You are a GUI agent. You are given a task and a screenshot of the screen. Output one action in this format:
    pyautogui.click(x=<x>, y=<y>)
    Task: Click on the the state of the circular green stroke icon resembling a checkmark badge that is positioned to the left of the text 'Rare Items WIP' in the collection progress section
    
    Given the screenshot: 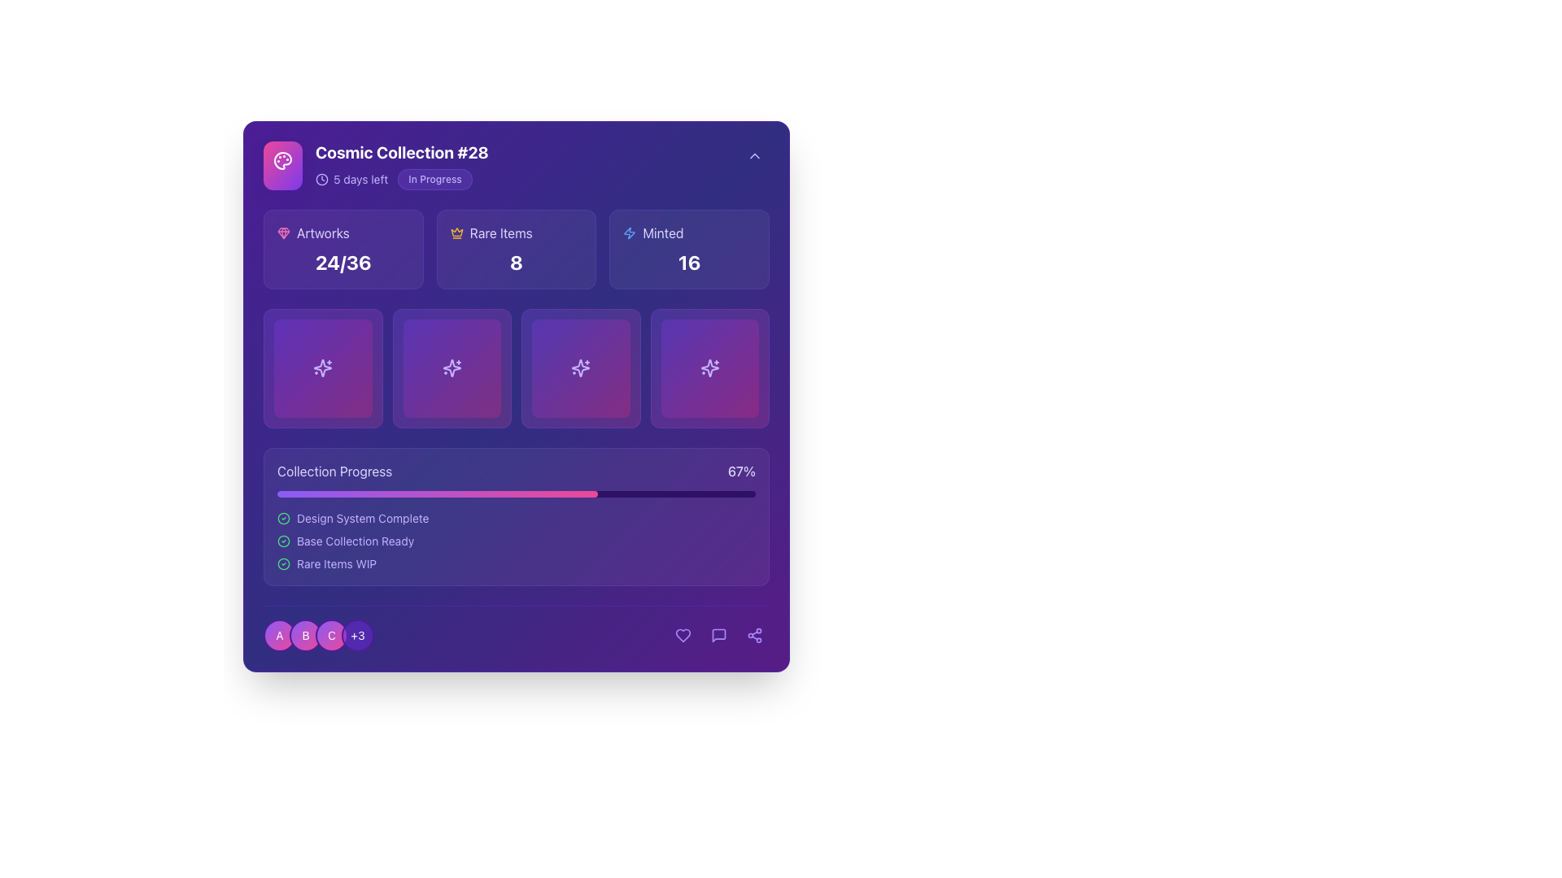 What is the action you would take?
    pyautogui.click(x=284, y=563)
    